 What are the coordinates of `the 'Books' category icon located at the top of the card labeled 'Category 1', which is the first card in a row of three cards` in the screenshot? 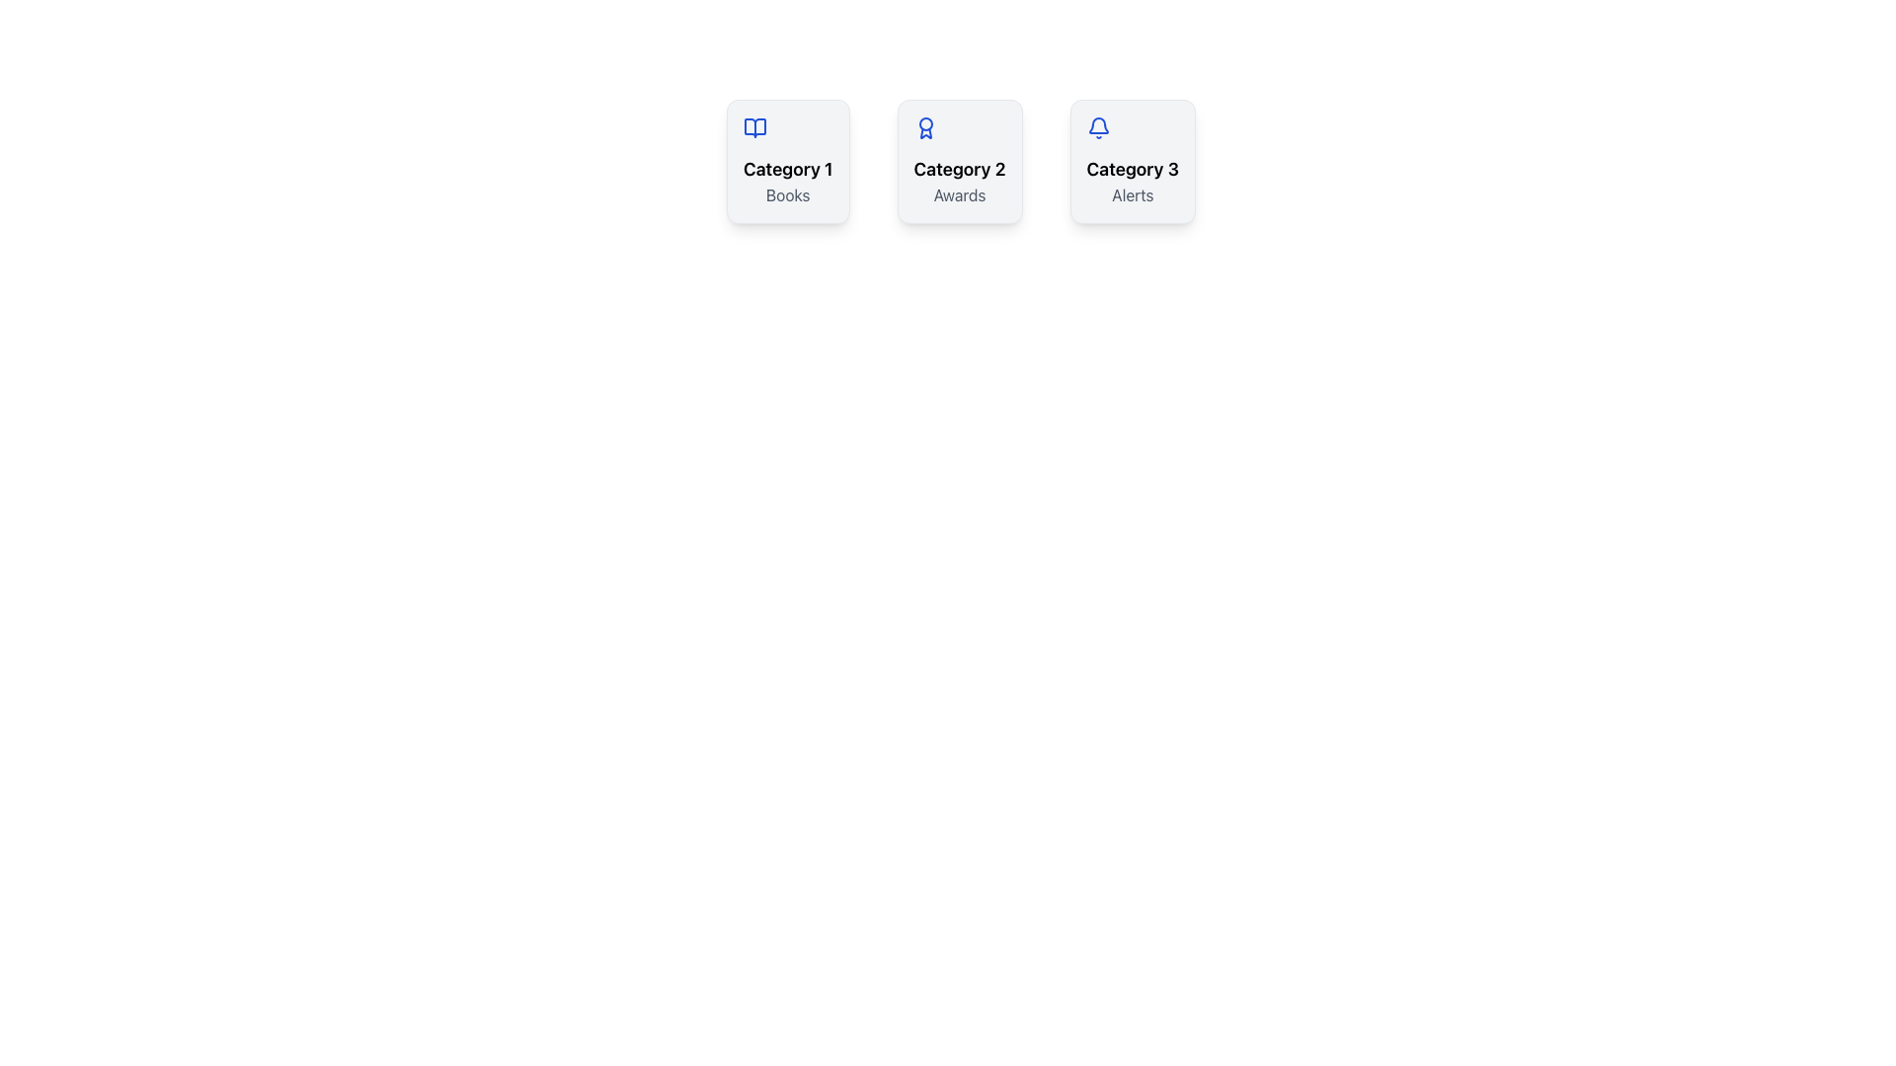 It's located at (753, 128).